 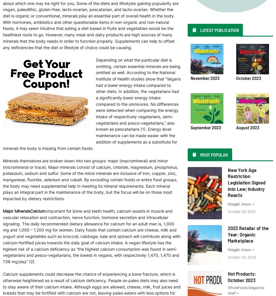 I want to click on 'WholeFoods Magazine Staff', so click(x=245, y=290).